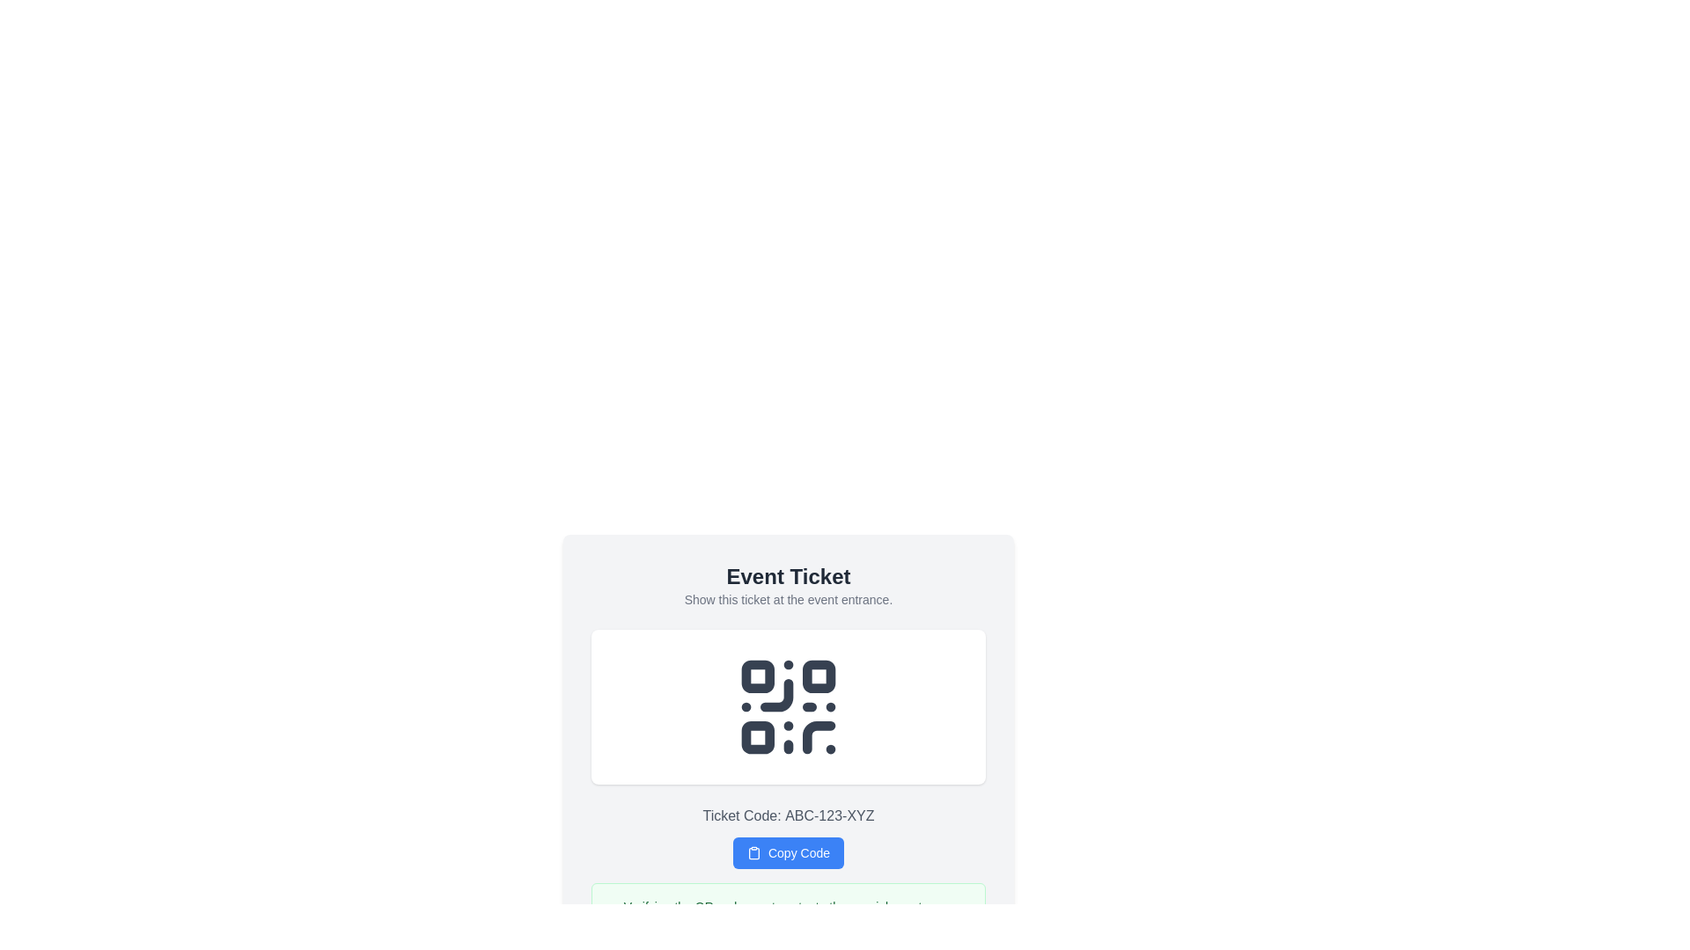 The image size is (1690, 950). Describe the element at coordinates (758, 737) in the screenshot. I see `the bottom-left block of the QR code representation, which serves as a graphical representation encoding data` at that location.